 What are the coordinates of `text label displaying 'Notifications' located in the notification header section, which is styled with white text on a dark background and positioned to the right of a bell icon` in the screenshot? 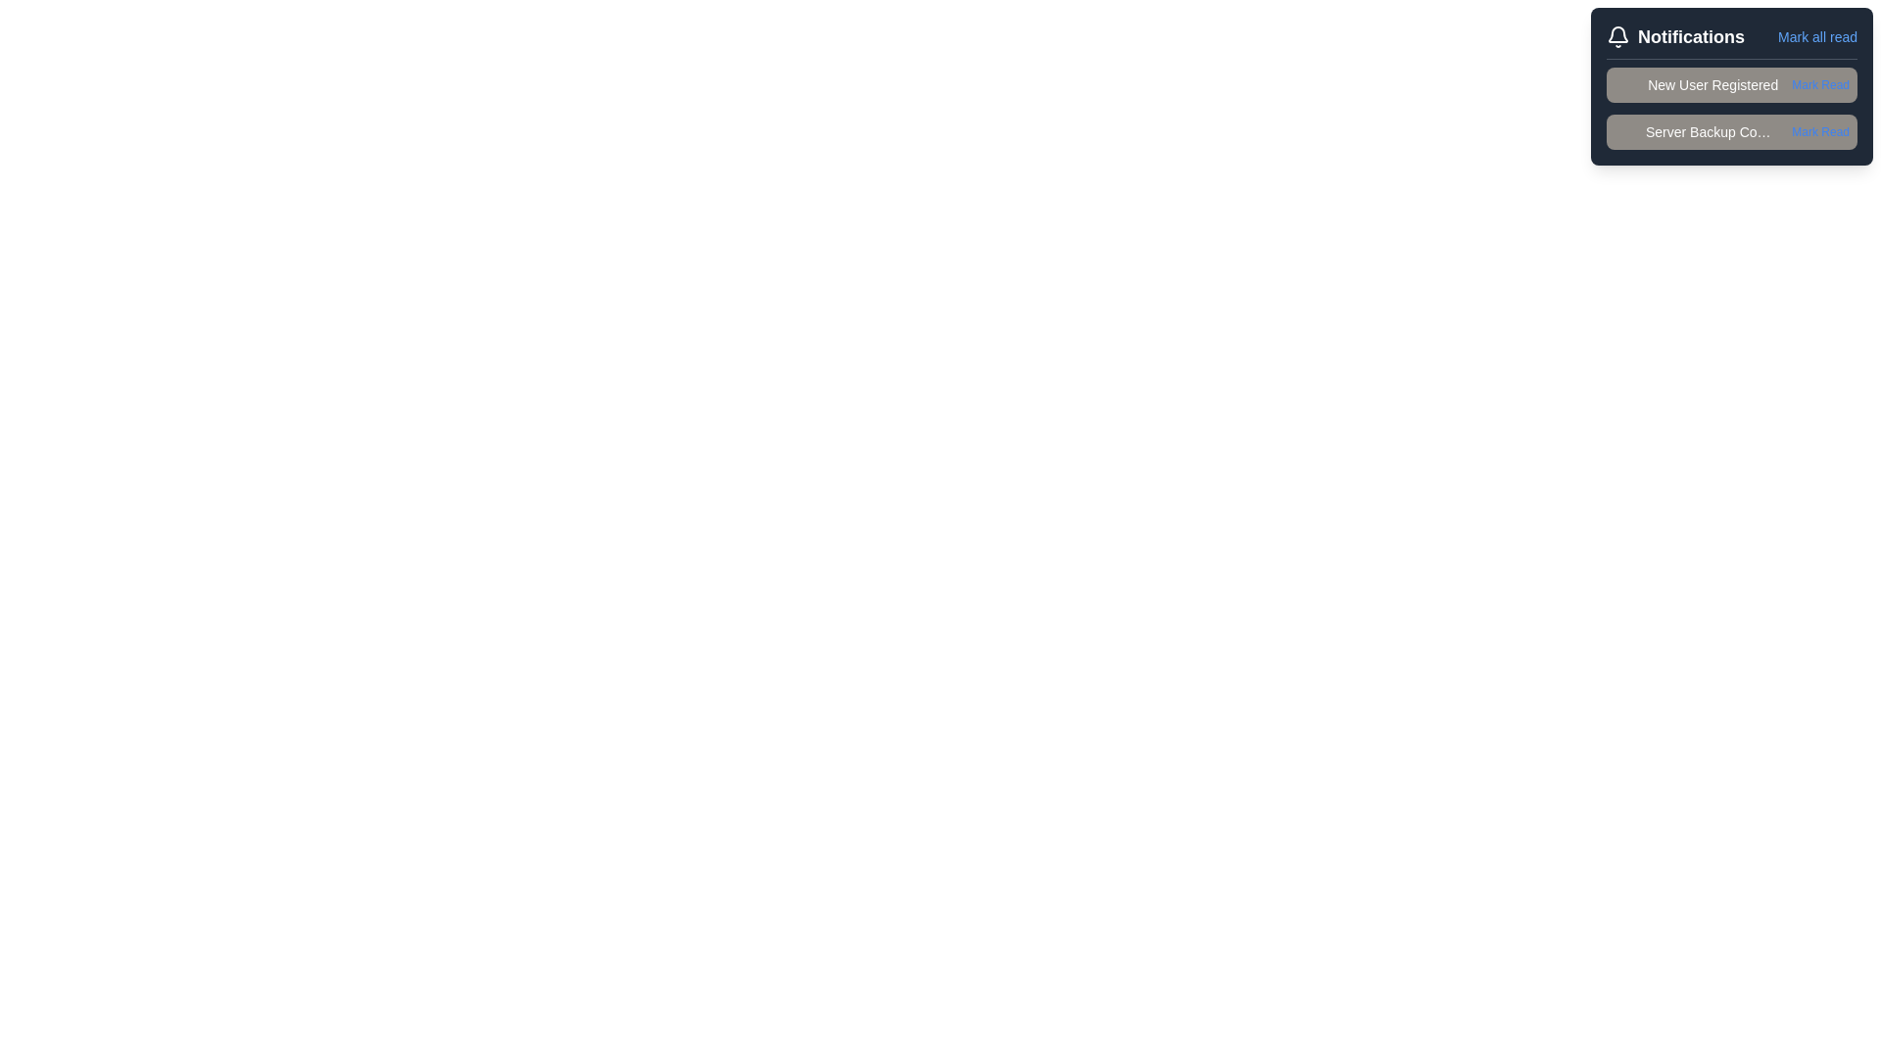 It's located at (1690, 37).